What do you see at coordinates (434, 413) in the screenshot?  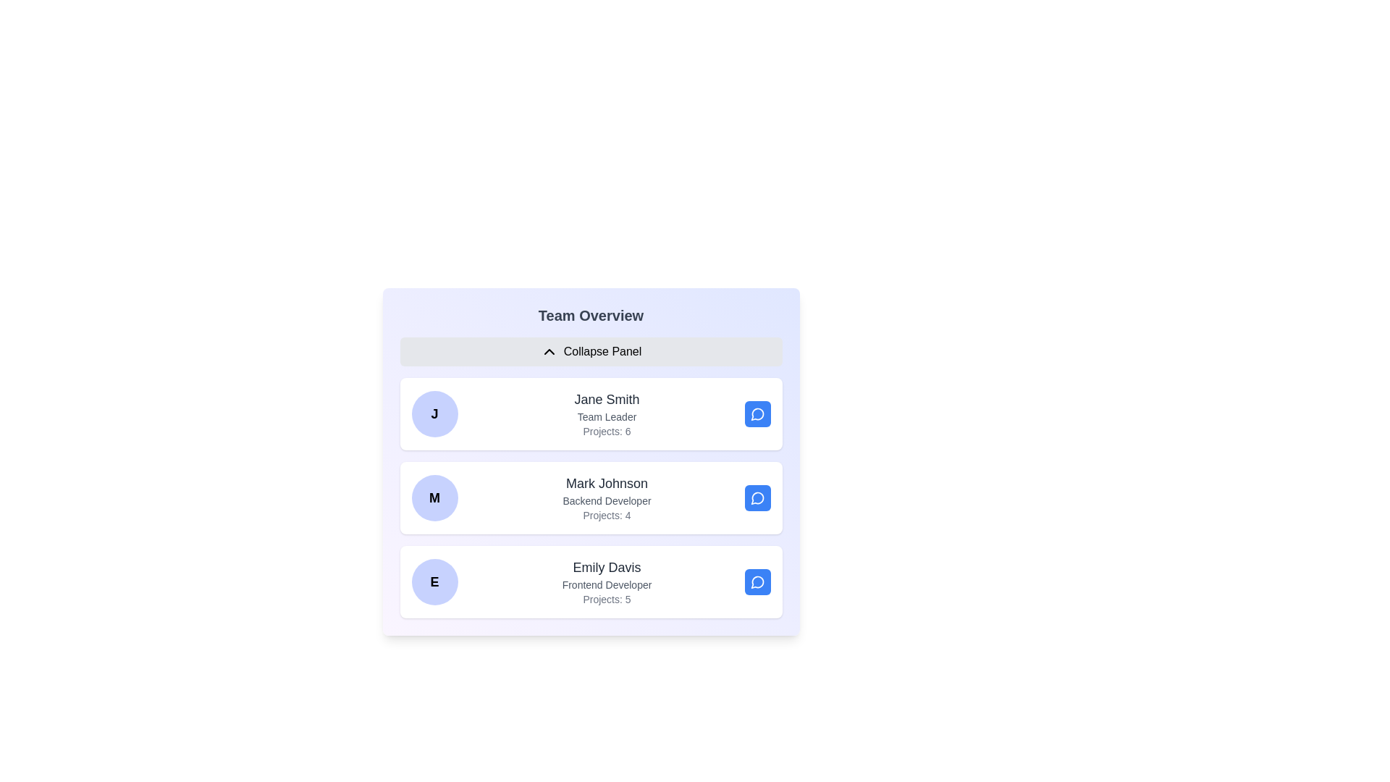 I see `the circular profile placeholder icon featuring the letter 'J' in bold, located to the left of the 'Jane Smith Team Leader Projects: 6' card` at bounding box center [434, 413].